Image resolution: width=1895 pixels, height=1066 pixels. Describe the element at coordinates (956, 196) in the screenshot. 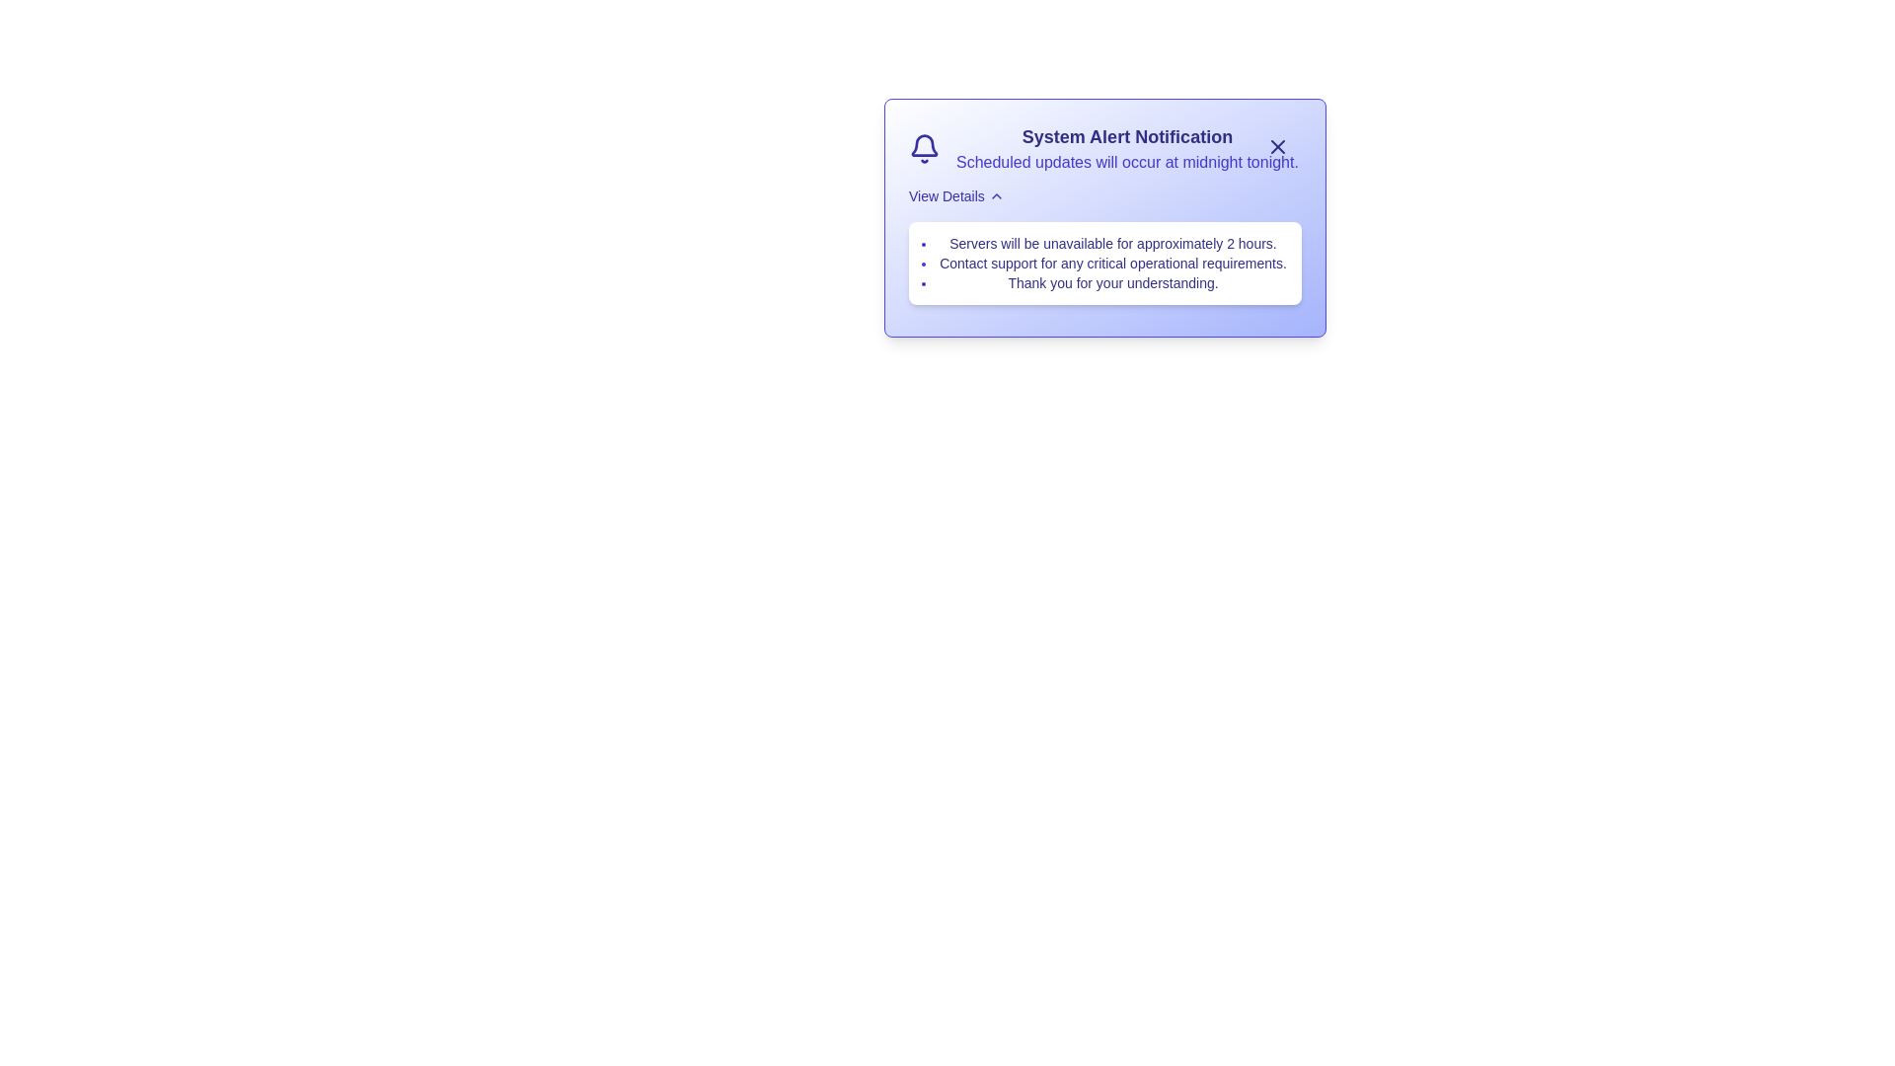

I see `'View Details' button to toggle the expansion state of the alert` at that location.